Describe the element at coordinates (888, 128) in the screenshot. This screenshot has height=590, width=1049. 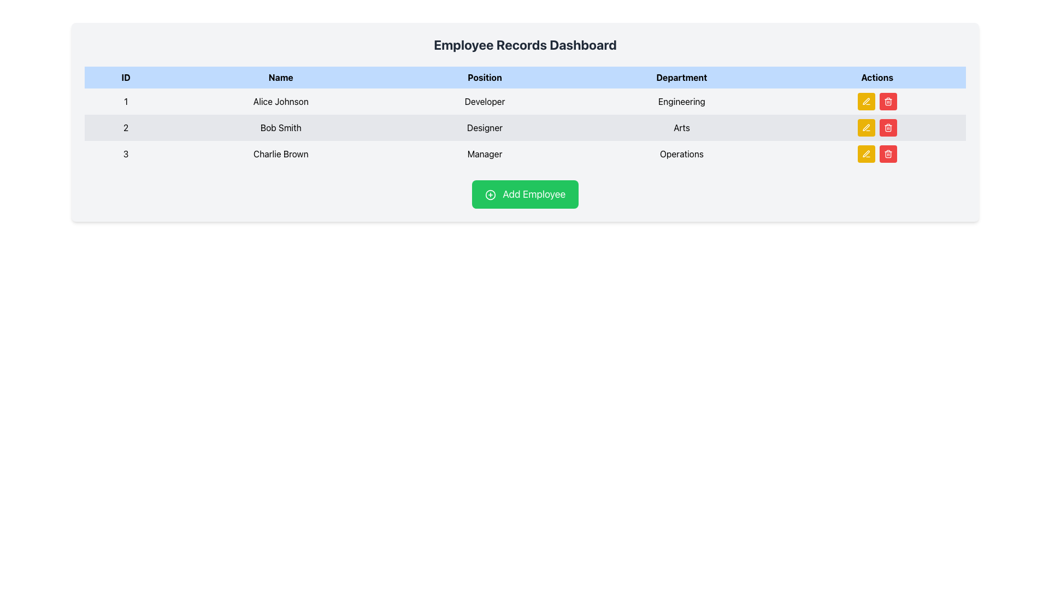
I see `the trash can body outline icon in the 'Actions' column of the row for 'Bob Smith'` at that location.